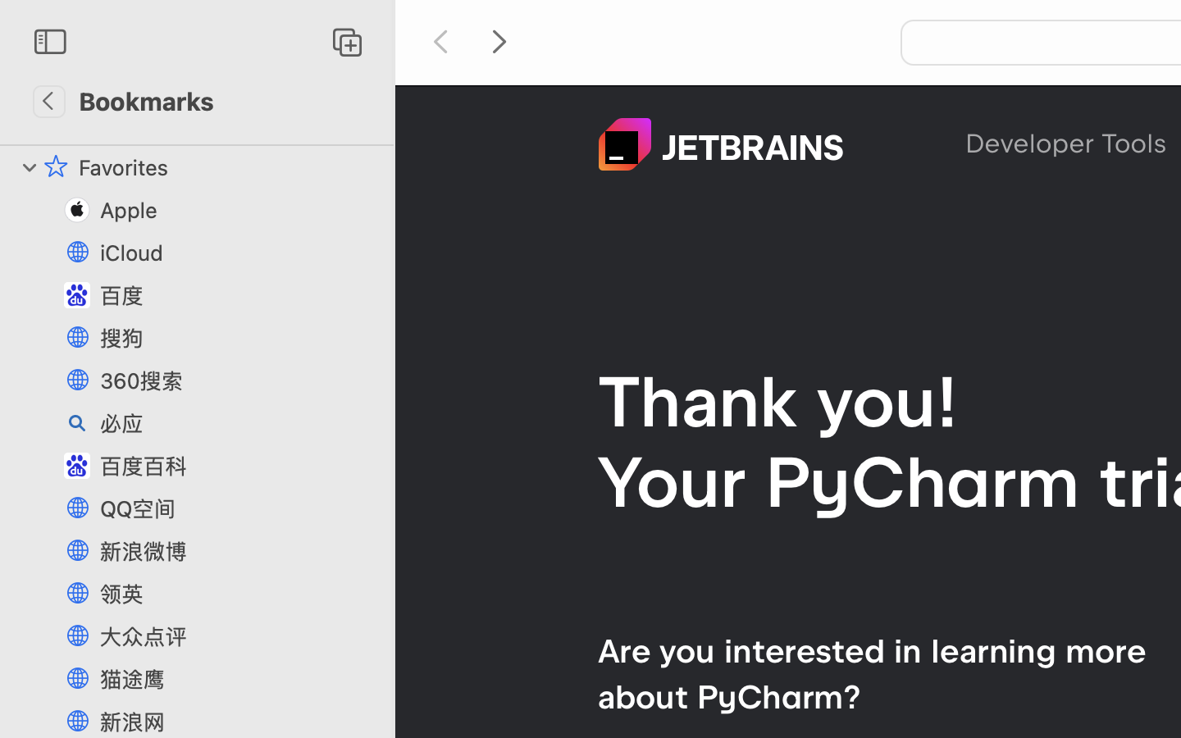 This screenshot has width=1181, height=738. I want to click on 'Thank you!', so click(777, 400).